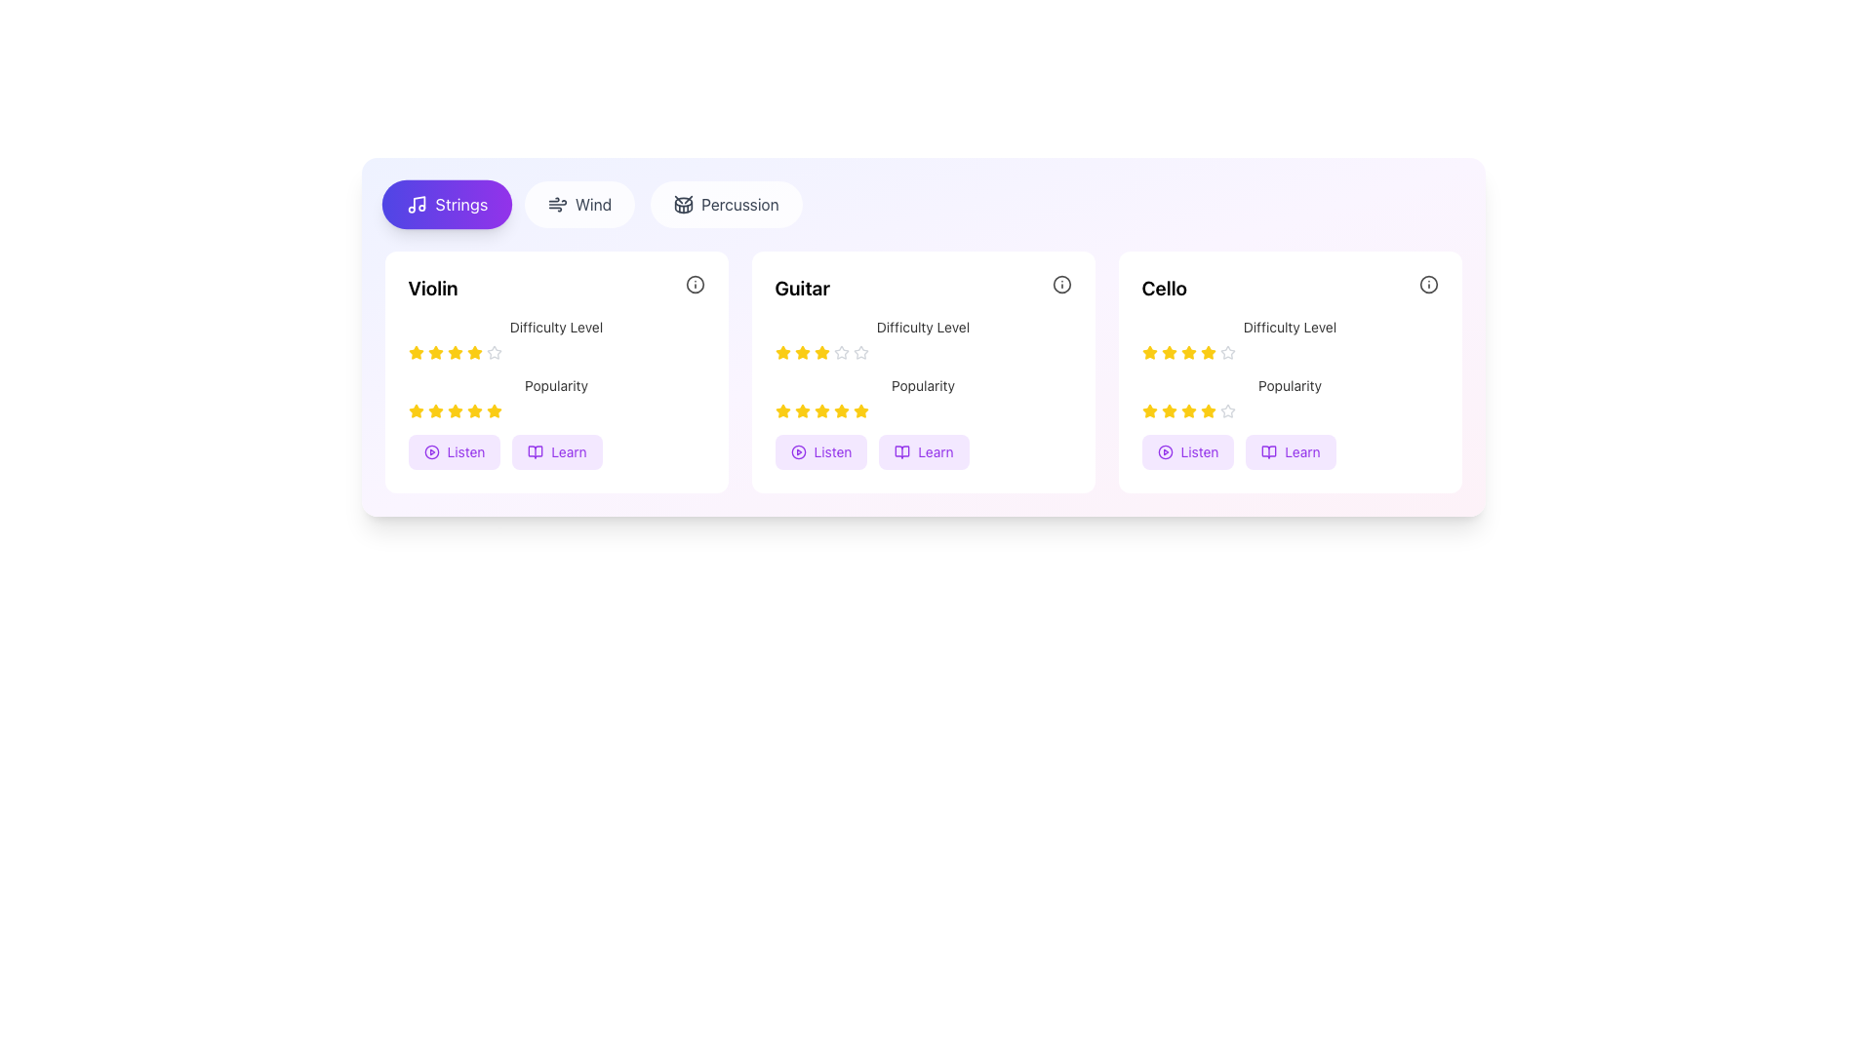 This screenshot has width=1873, height=1053. I want to click on the fourth star in the horizontal row of five stars representing the rating mechanism under the 'Difficulty Level' section for 'Guitar' in the second card of the interface, so click(841, 353).